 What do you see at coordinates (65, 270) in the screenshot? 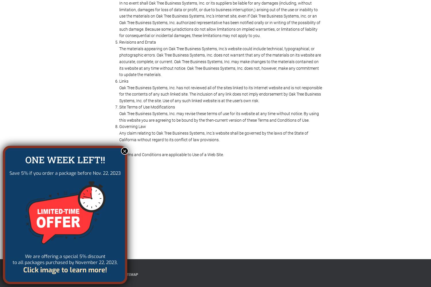
I see `'Click image to learn more!'` at bounding box center [65, 270].